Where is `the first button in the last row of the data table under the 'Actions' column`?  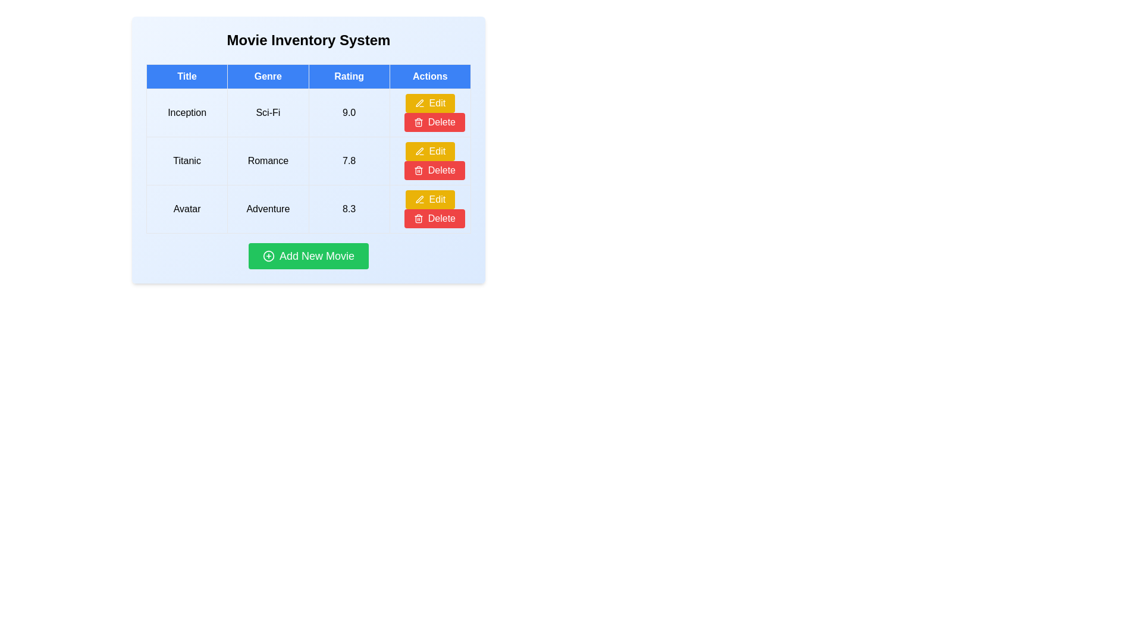 the first button in the last row of the data table under the 'Actions' column is located at coordinates (429, 199).